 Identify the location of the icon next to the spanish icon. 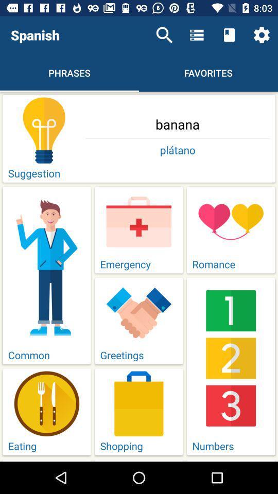
(164, 35).